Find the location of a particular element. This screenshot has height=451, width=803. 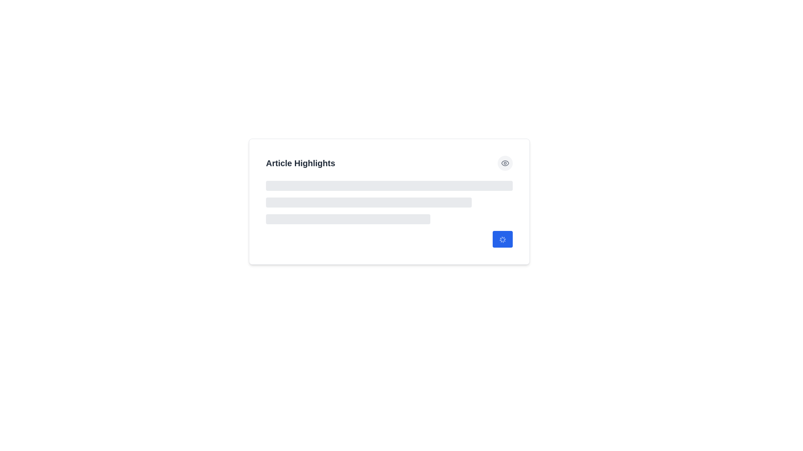

the Loading placeholder element, which consists of three horizontal grey bars stacked vertically, located below the title 'Article Highlights' is located at coordinates (389, 203).